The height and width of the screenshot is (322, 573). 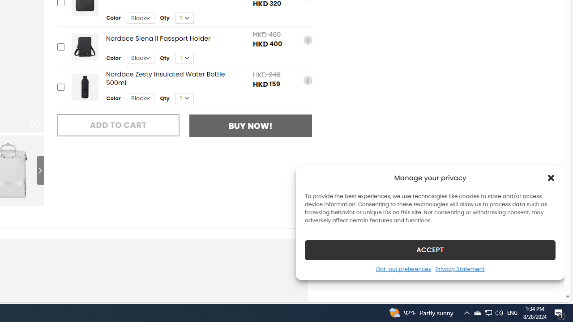 I want to click on 'Class: iconic-woothumbs-fullscreen', so click(x=34, y=123).